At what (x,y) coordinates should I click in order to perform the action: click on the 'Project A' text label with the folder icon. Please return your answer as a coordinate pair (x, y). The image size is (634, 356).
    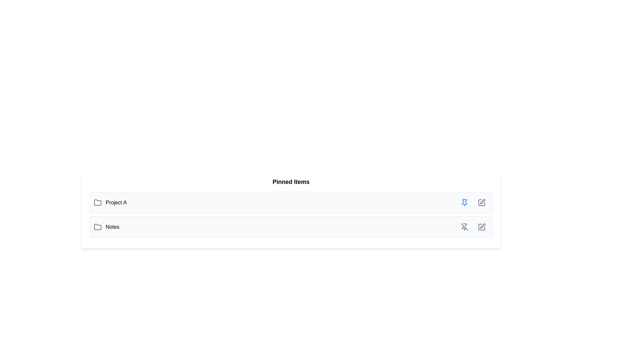
    Looking at the image, I should click on (110, 202).